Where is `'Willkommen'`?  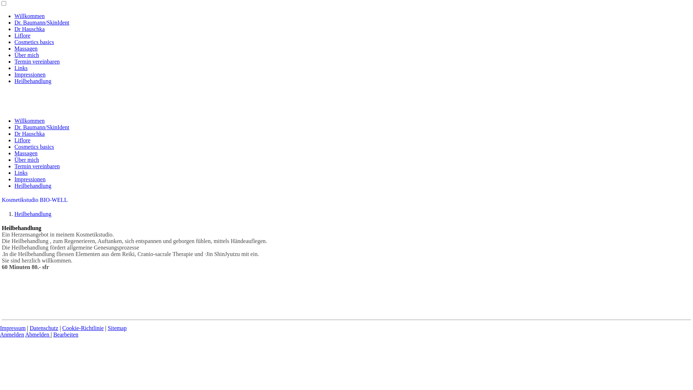 'Willkommen' is located at coordinates (29, 16).